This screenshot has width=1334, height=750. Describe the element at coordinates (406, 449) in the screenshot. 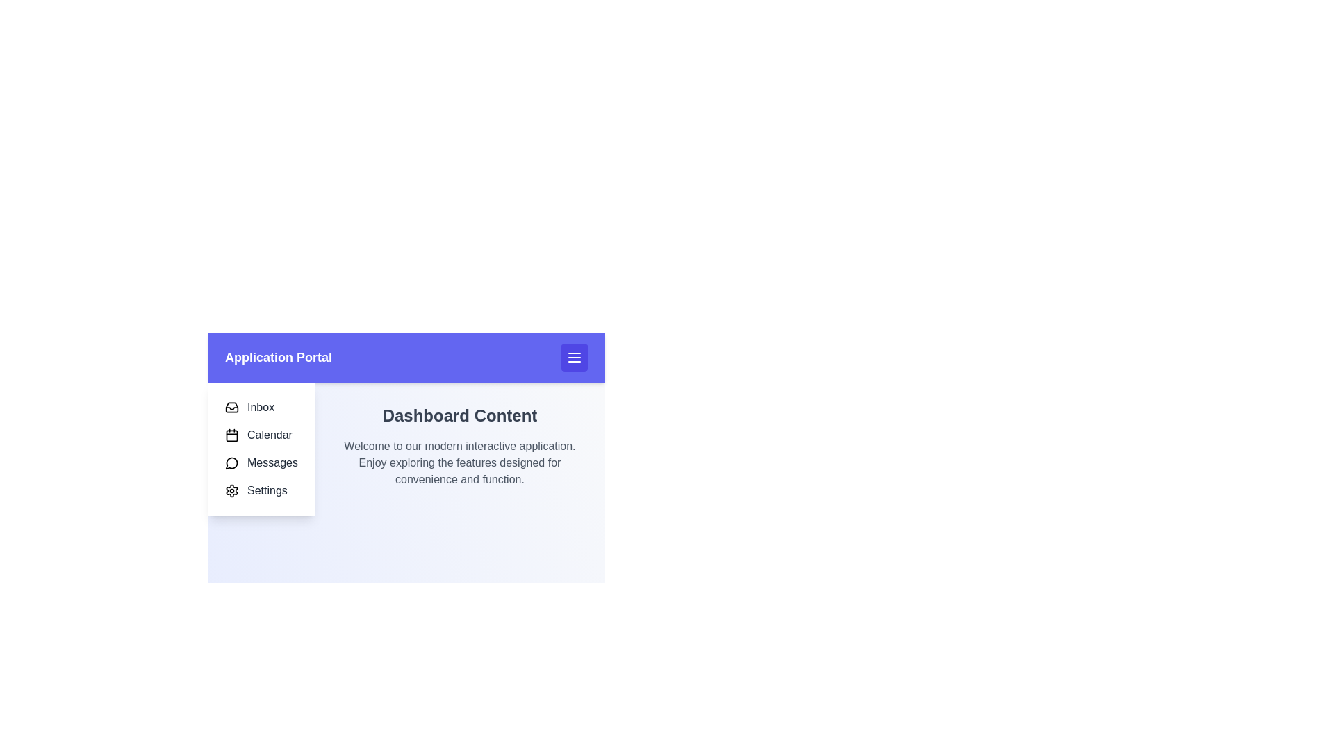

I see `displayed content in the 'Dashboard Content' text area located in the right column of the layout, adjacent to the vertical navigation menu` at that location.